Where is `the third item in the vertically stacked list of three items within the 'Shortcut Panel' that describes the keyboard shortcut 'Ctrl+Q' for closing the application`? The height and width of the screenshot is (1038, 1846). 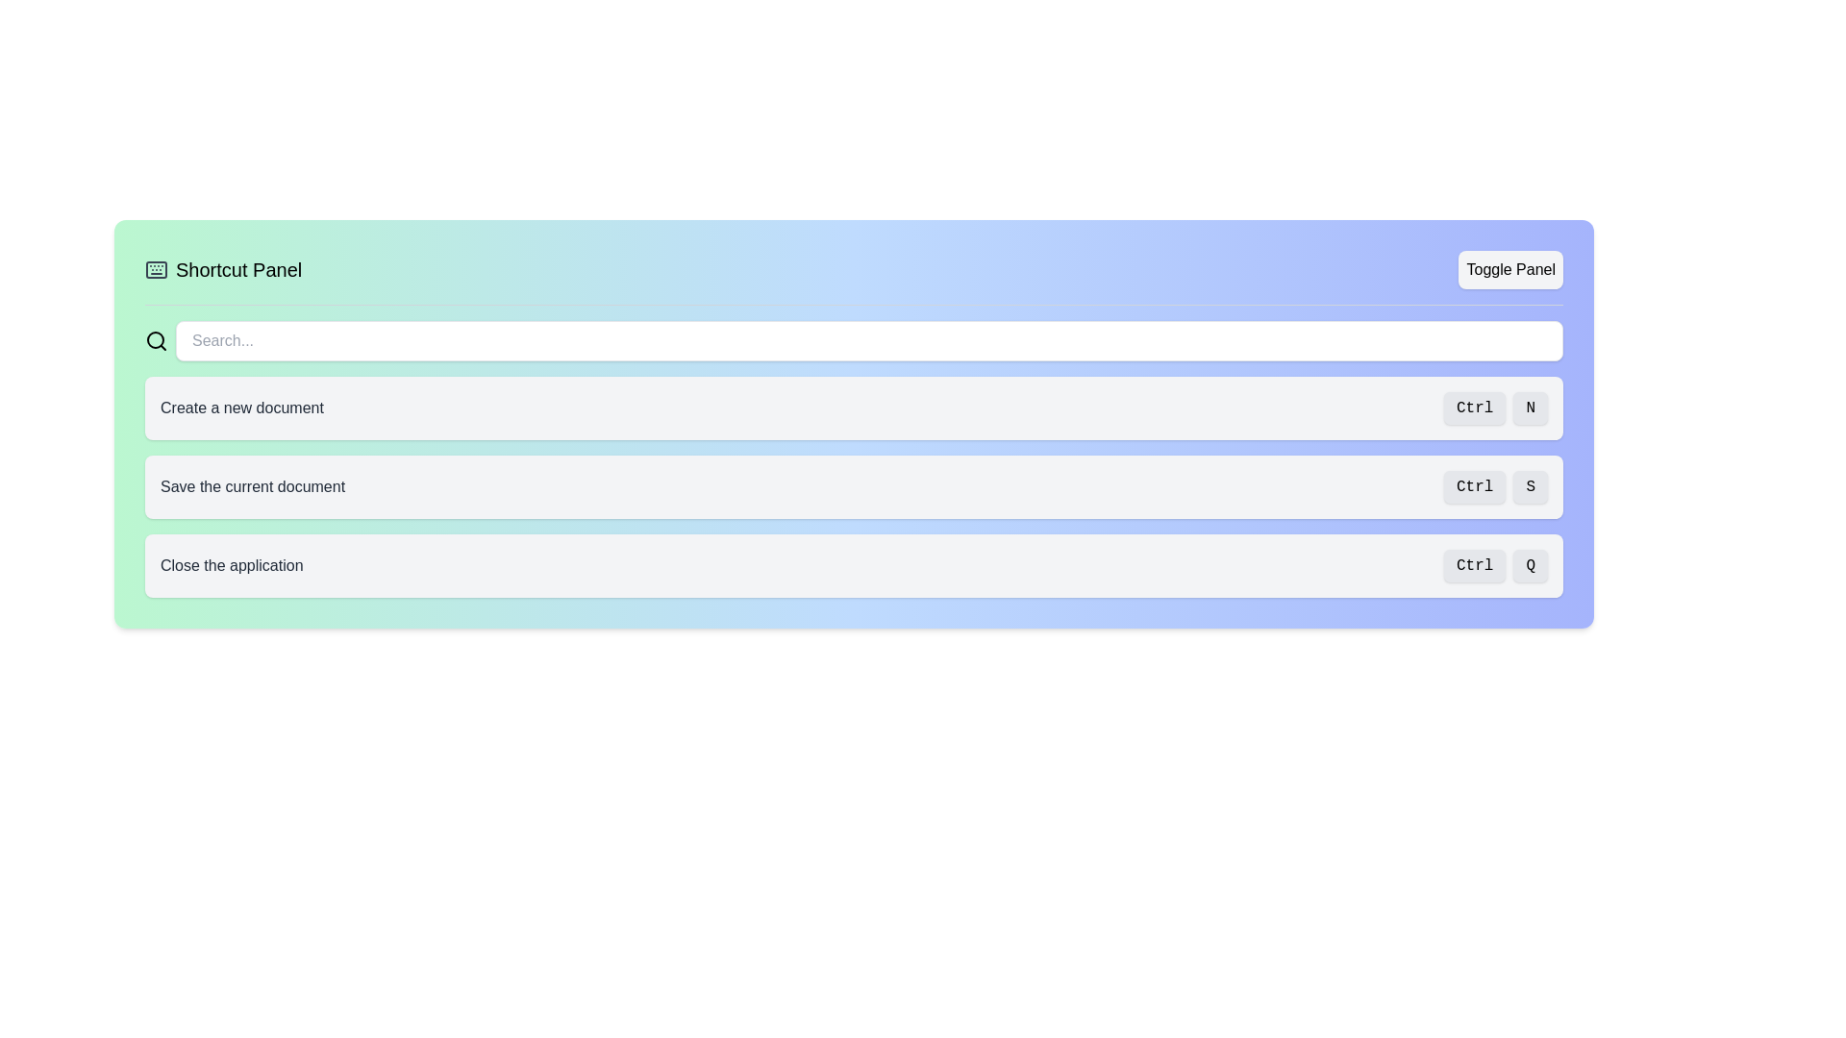 the third item in the vertically stacked list of three items within the 'Shortcut Panel' that describes the keyboard shortcut 'Ctrl+Q' for closing the application is located at coordinates (853, 565).